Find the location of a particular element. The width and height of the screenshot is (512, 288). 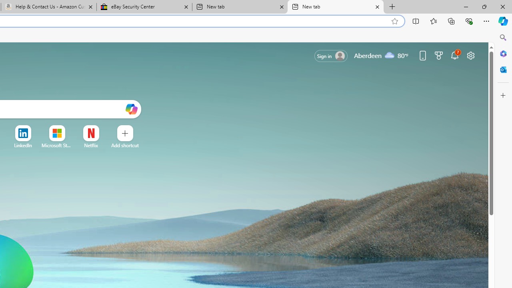

'eBay Security Center' is located at coordinates (144, 7).